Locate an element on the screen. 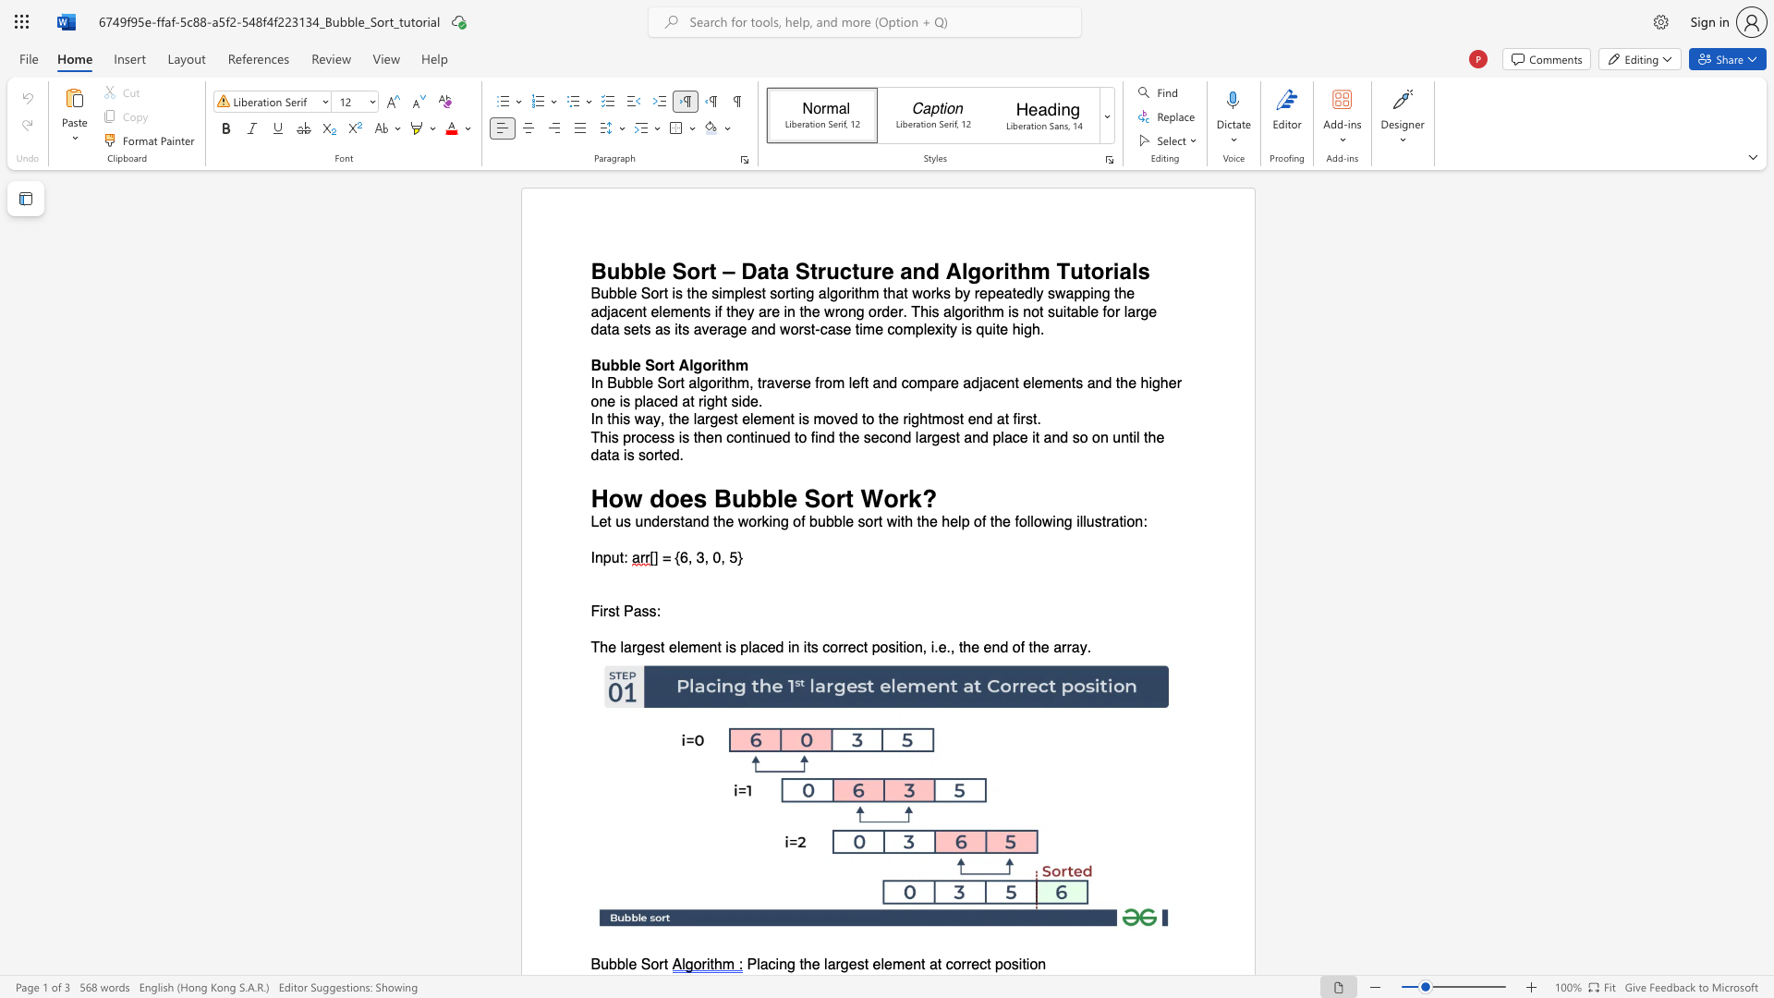 This screenshot has height=998, width=1774. the 3th character "r" in the text is located at coordinates (844, 647).